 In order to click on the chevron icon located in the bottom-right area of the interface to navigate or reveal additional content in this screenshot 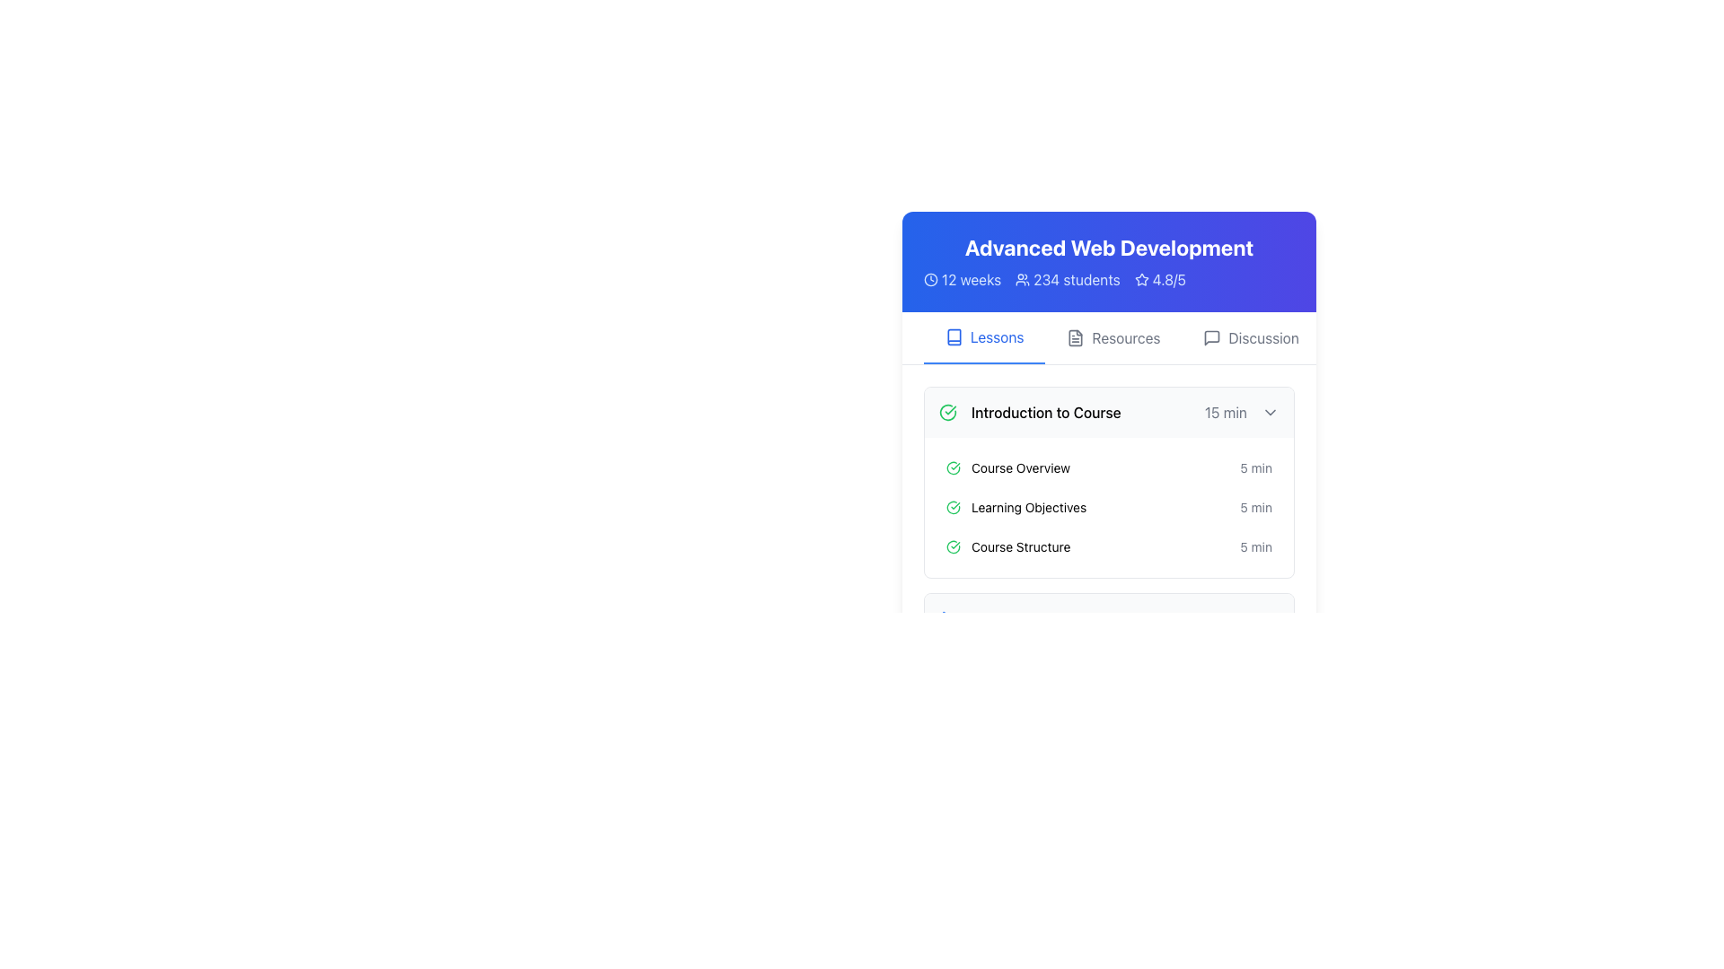, I will do `click(1270, 618)`.